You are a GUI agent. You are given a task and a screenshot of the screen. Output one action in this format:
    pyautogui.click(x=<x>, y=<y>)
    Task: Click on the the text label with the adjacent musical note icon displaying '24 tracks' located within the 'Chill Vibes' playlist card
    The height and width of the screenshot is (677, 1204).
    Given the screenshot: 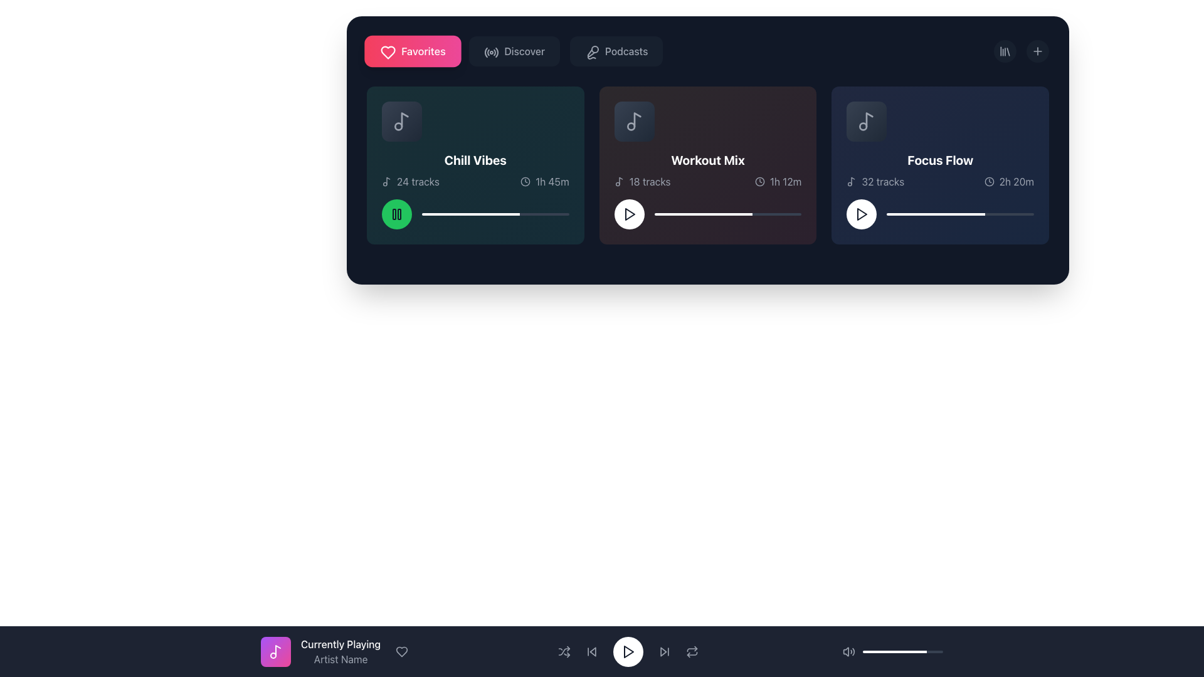 What is the action you would take?
    pyautogui.click(x=410, y=181)
    